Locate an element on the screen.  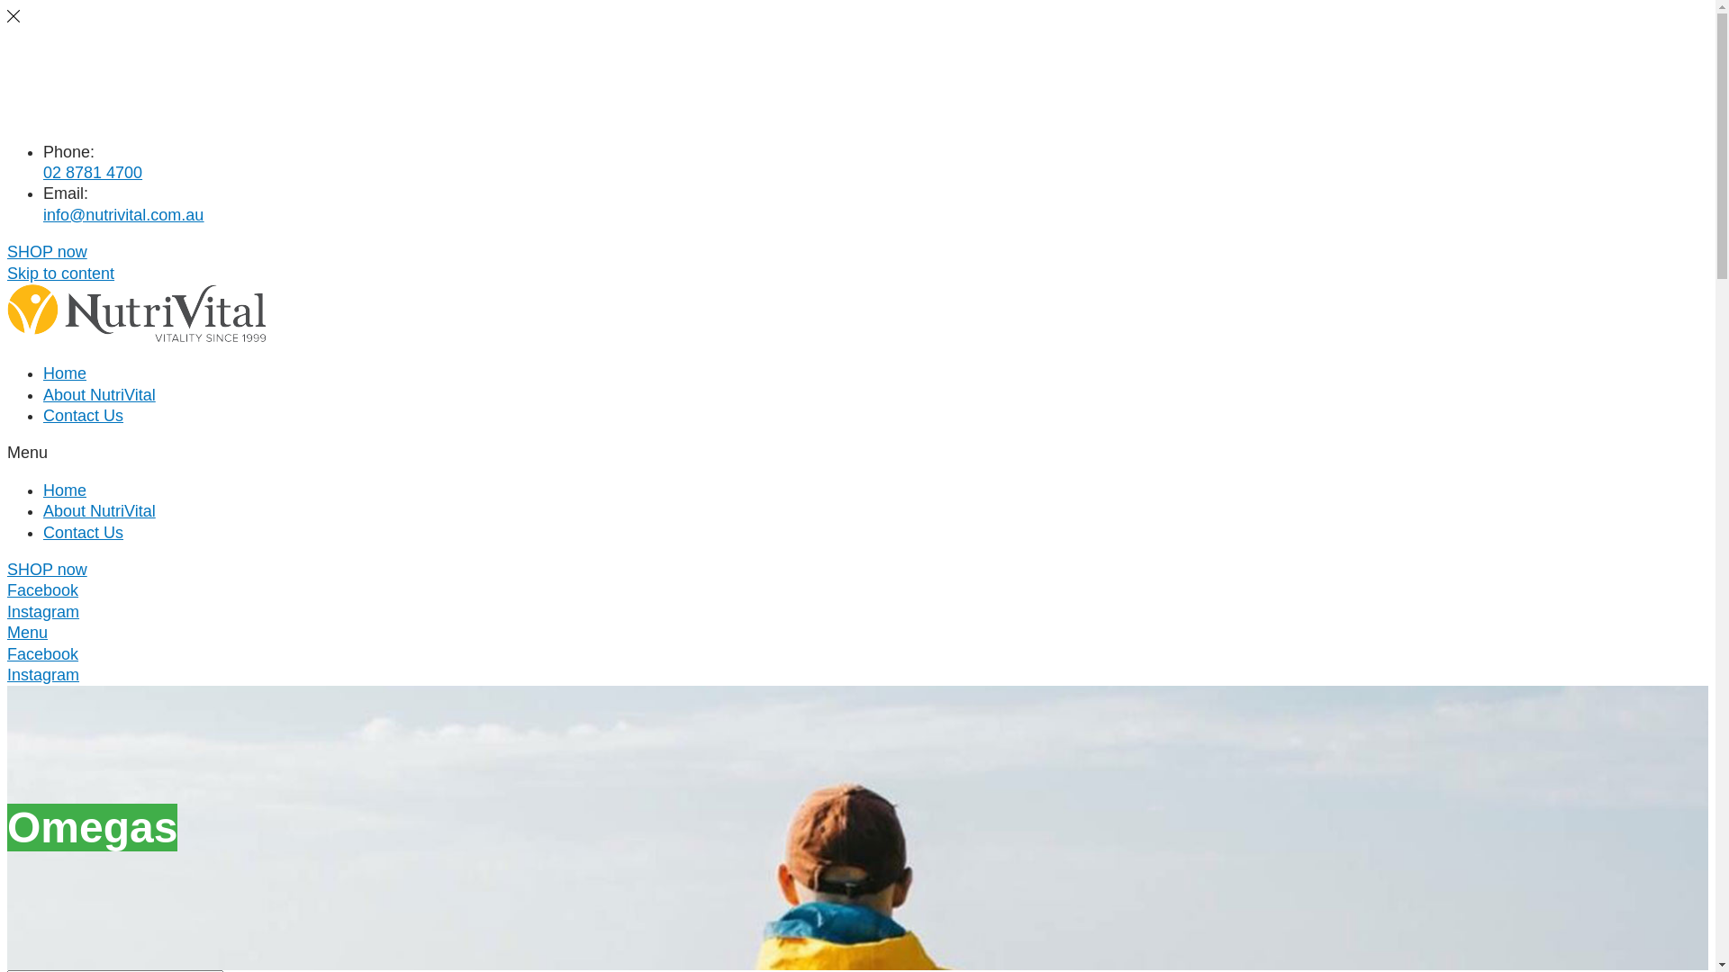
'Facebook' is located at coordinates (42, 653).